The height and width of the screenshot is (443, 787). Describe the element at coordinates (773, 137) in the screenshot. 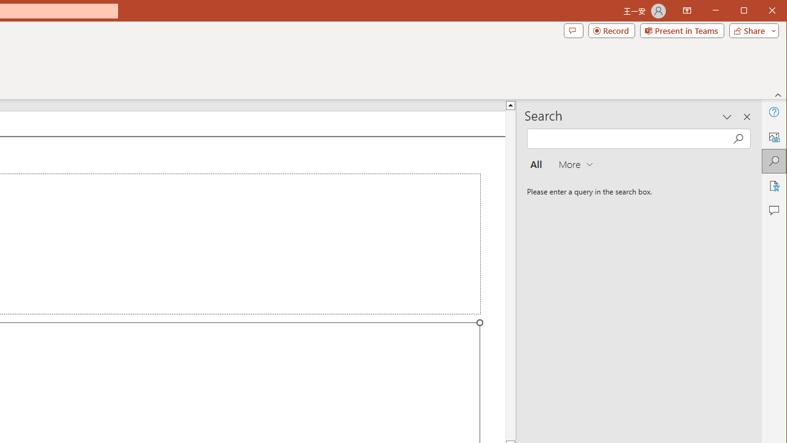

I see `'Alt Text'` at that location.